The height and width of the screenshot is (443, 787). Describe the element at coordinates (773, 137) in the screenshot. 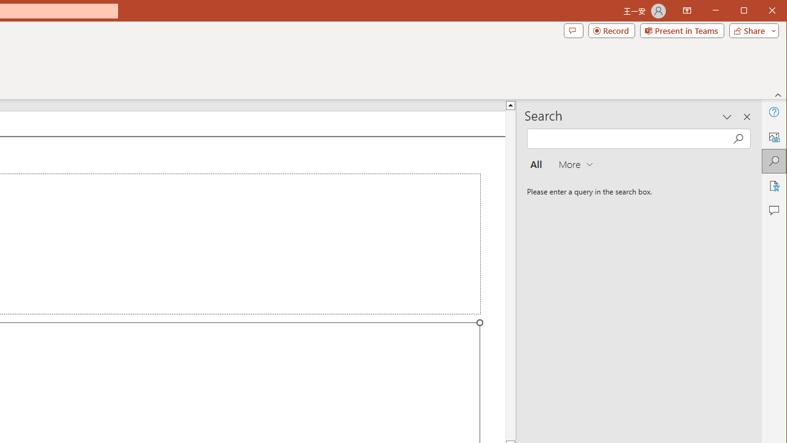

I see `'Alt Text'` at that location.